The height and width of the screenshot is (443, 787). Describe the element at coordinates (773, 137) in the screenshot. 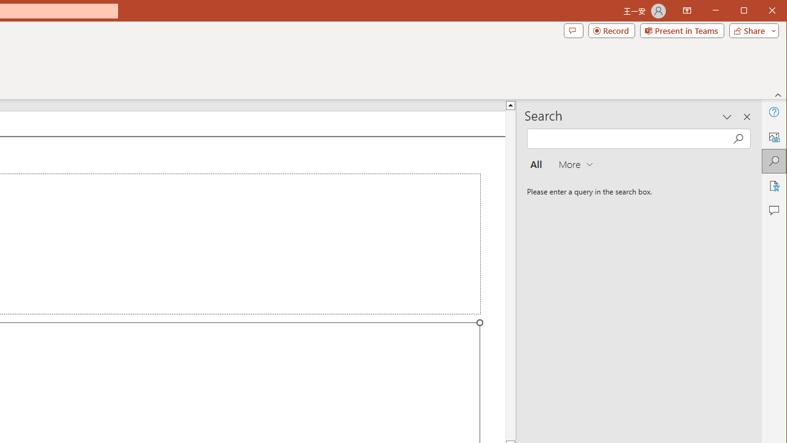

I see `'Alt Text'` at that location.